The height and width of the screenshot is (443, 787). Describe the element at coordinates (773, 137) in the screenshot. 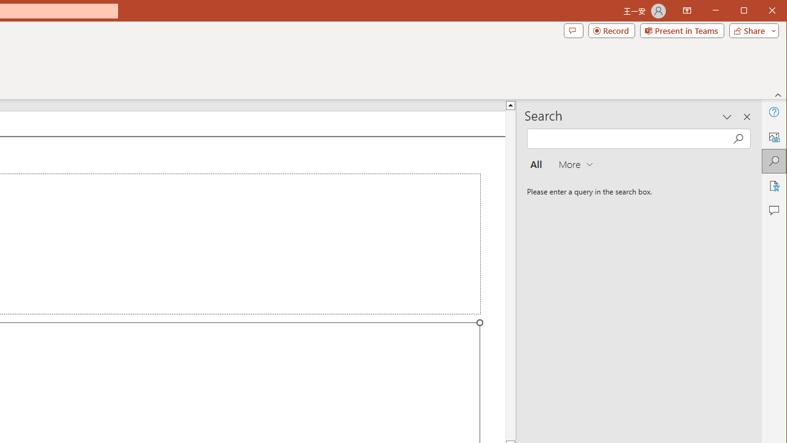

I see `'Alt Text'` at that location.